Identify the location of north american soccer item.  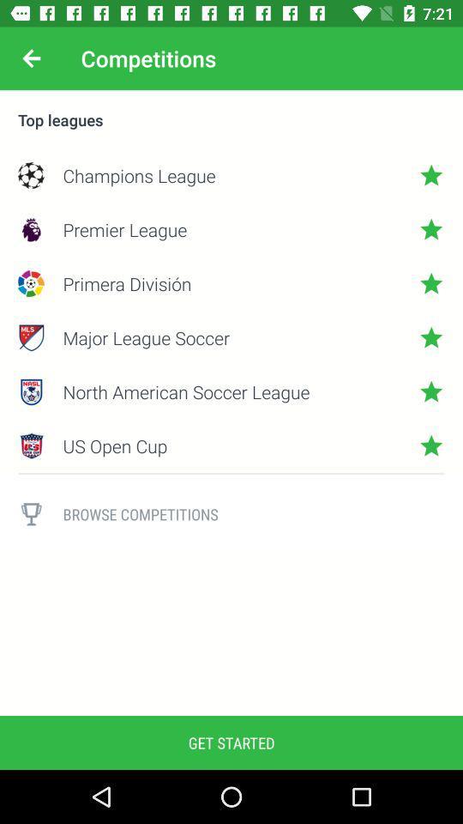
(231, 391).